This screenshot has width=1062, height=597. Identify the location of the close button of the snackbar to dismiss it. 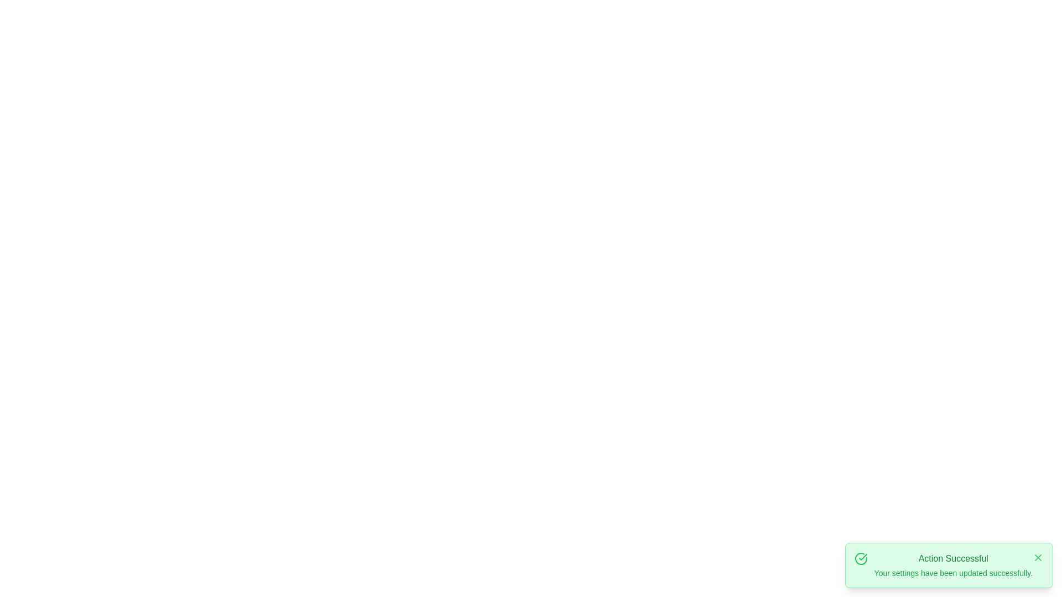
(1037, 558).